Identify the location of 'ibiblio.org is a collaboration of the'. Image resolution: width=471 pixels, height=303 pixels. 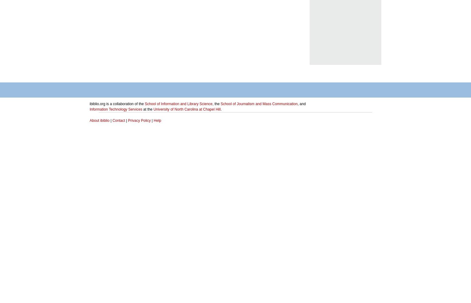
(117, 104).